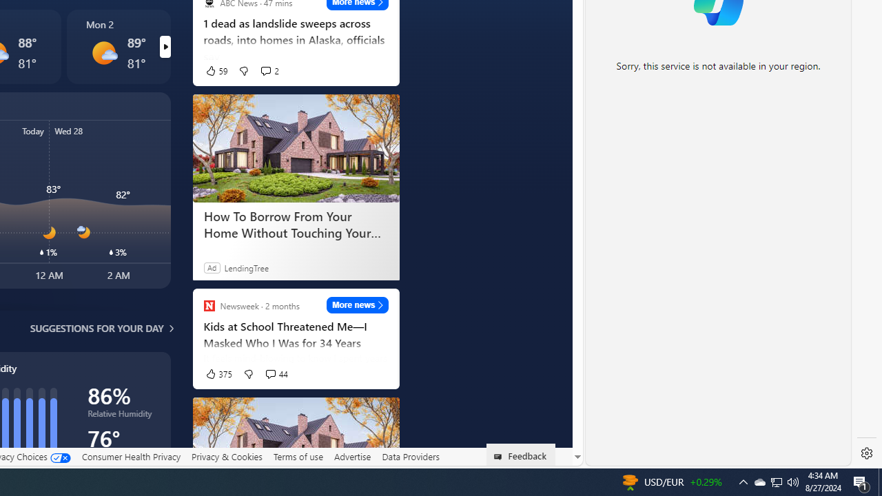 This screenshot has width=882, height=496. What do you see at coordinates (500, 457) in the screenshot?
I see `'Class: feedback_link_icon-DS-EntryPoint1-1'` at bounding box center [500, 457].